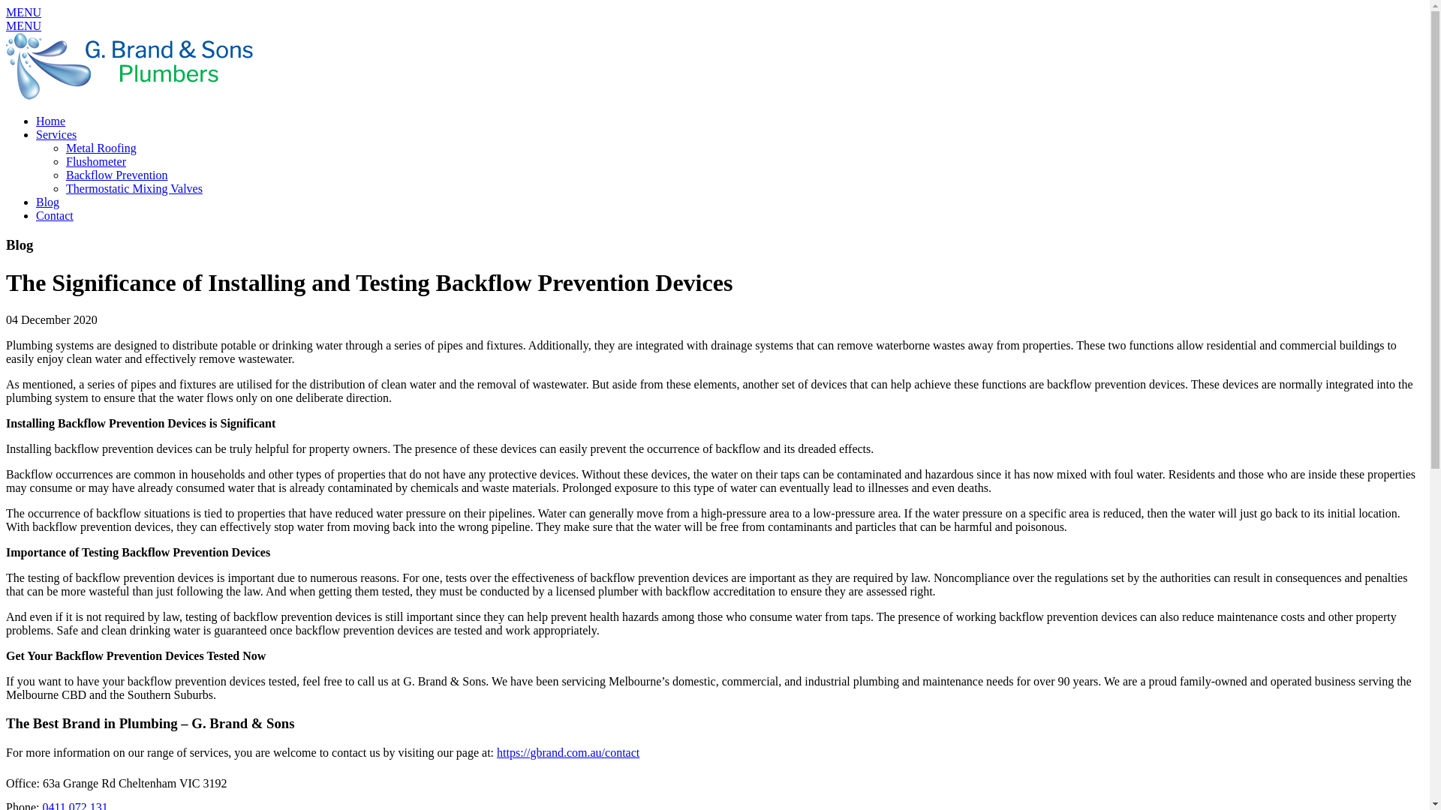  What do you see at coordinates (54, 215) in the screenshot?
I see `'Contact'` at bounding box center [54, 215].